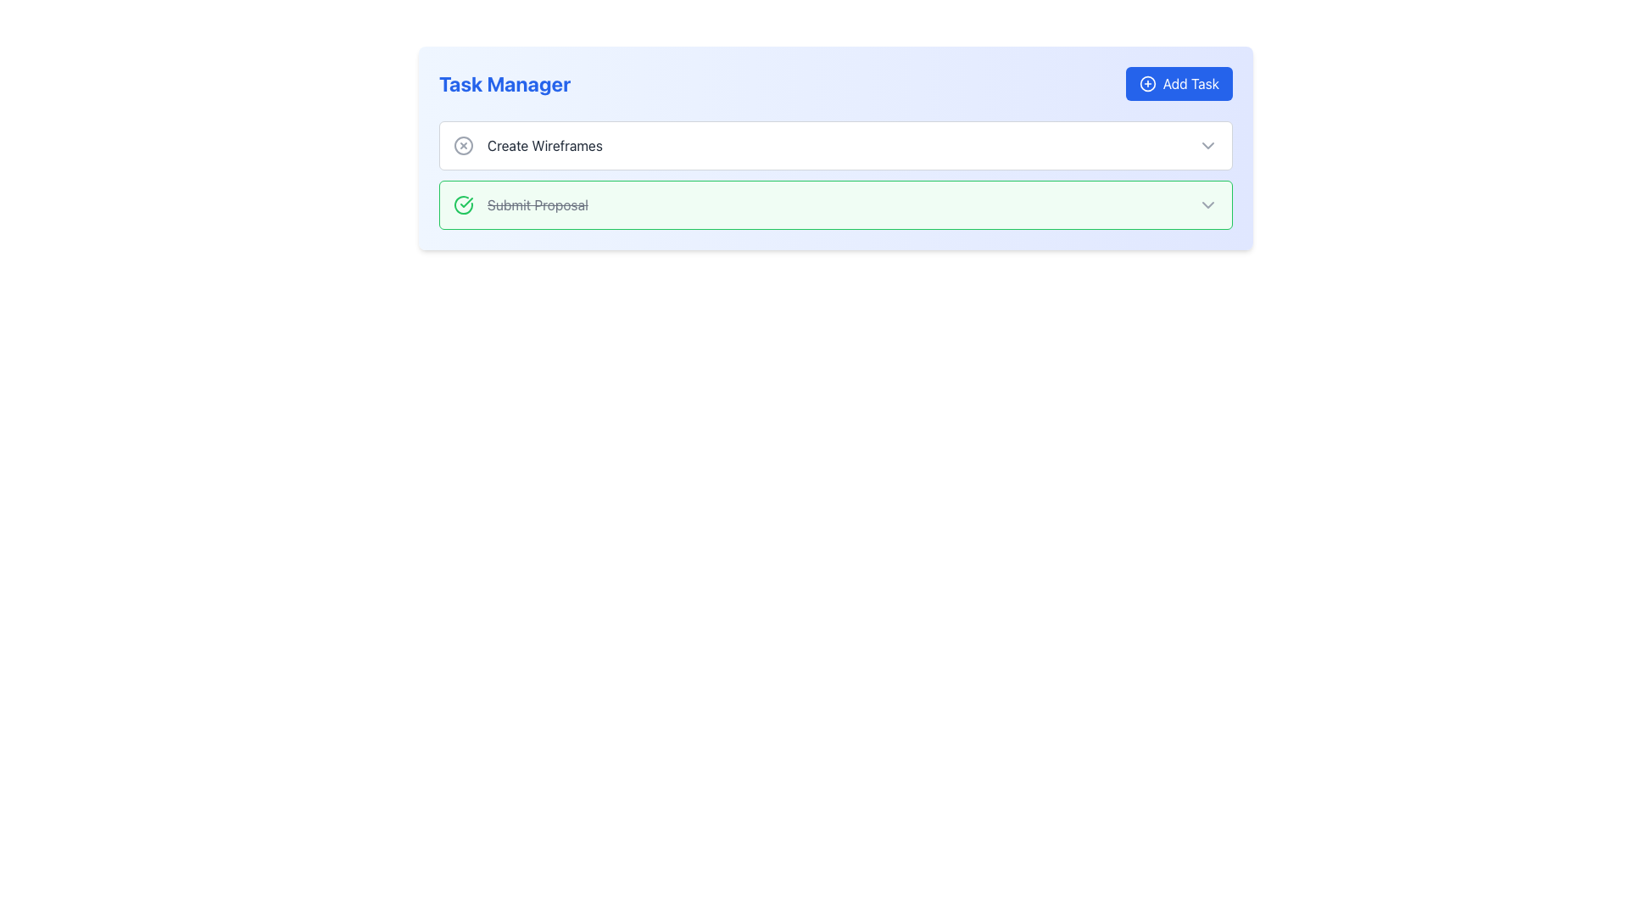  Describe the element at coordinates (835, 145) in the screenshot. I see `the chevron button at the top of the task manager interface` at that location.